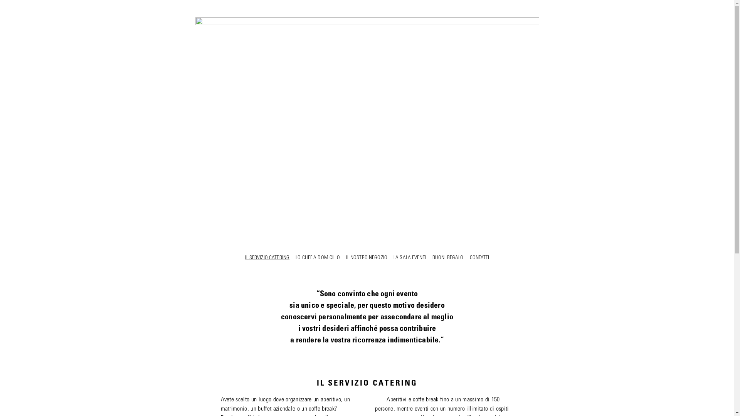 The height and width of the screenshot is (416, 740). What do you see at coordinates (366, 22) in the screenshot?
I see `'IL SERVIZIO CATERING - Carlo Stroppini'` at bounding box center [366, 22].